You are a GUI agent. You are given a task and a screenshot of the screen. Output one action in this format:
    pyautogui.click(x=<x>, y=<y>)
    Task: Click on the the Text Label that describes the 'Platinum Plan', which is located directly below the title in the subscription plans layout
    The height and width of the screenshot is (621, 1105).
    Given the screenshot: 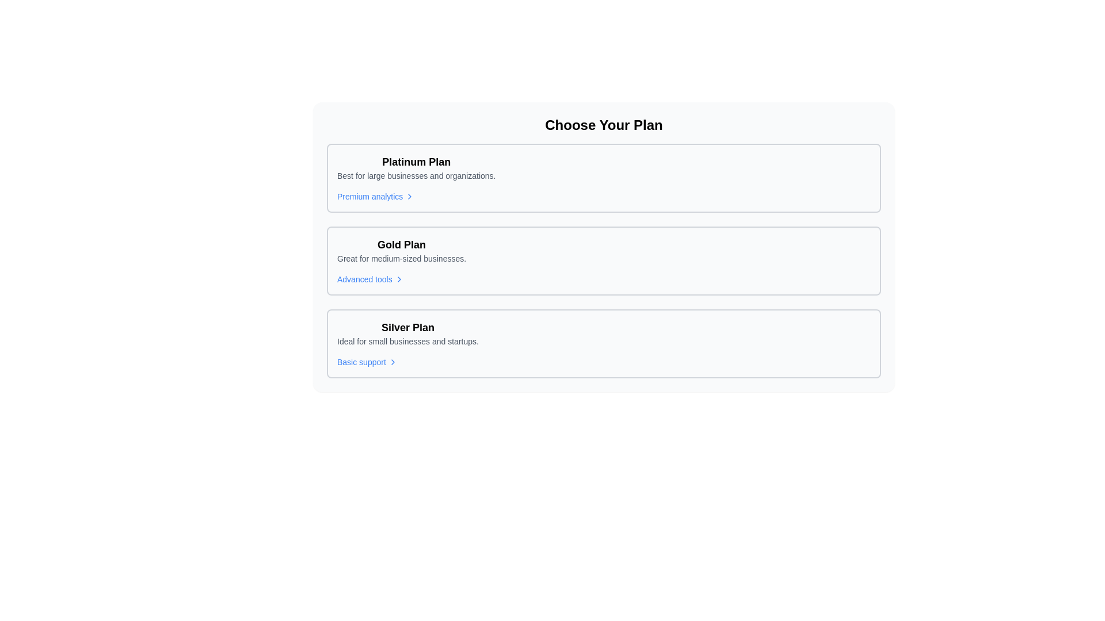 What is the action you would take?
    pyautogui.click(x=416, y=175)
    